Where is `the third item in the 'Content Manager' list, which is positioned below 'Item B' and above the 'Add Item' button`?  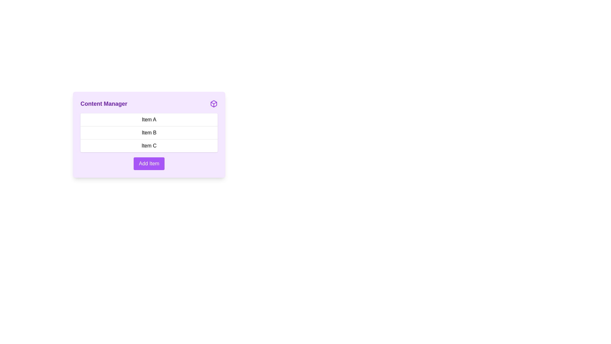 the third item in the 'Content Manager' list, which is positioned below 'Item B' and above the 'Add Item' button is located at coordinates (149, 146).